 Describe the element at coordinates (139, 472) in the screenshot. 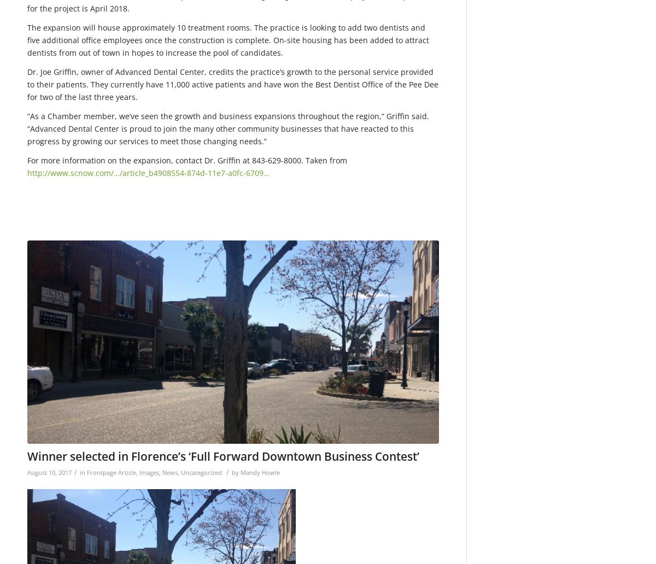

I see `'Images'` at that location.